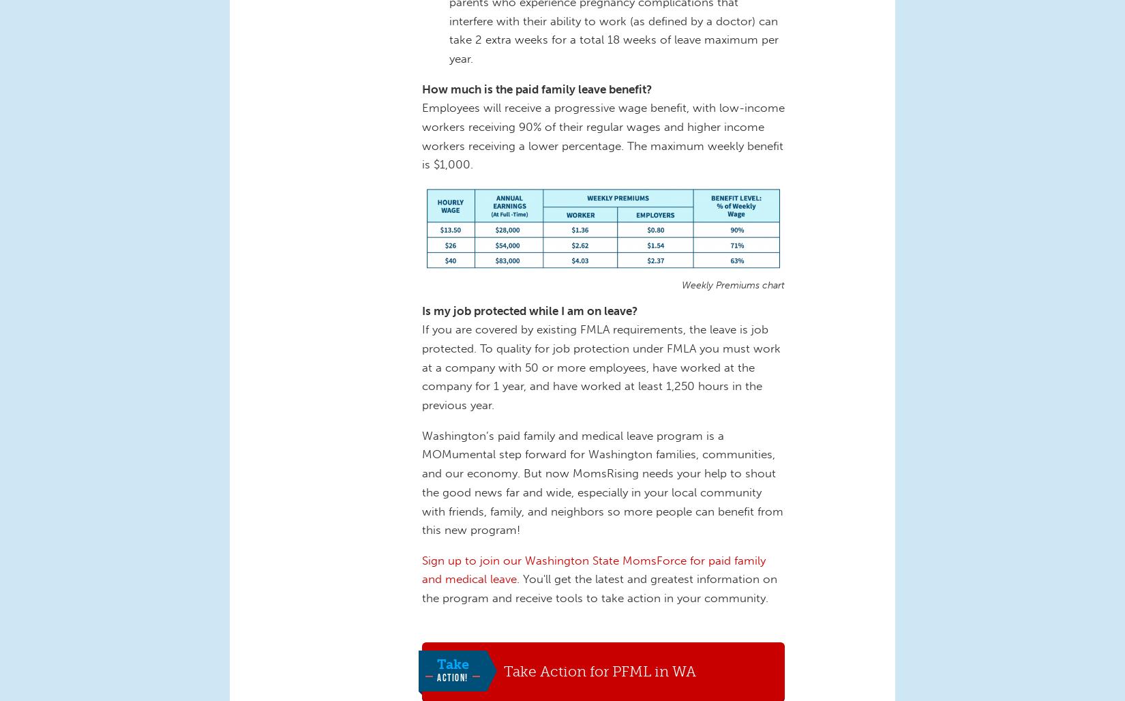 The height and width of the screenshot is (701, 1125). I want to click on 'Is my job protected while I am on leave?', so click(528, 309).